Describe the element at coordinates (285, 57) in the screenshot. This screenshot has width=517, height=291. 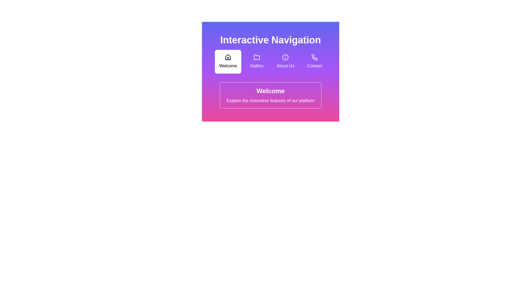
I see `the circular informational icon located at the center of the 'About Us' icon in the 'Interactive Navigation' section` at that location.